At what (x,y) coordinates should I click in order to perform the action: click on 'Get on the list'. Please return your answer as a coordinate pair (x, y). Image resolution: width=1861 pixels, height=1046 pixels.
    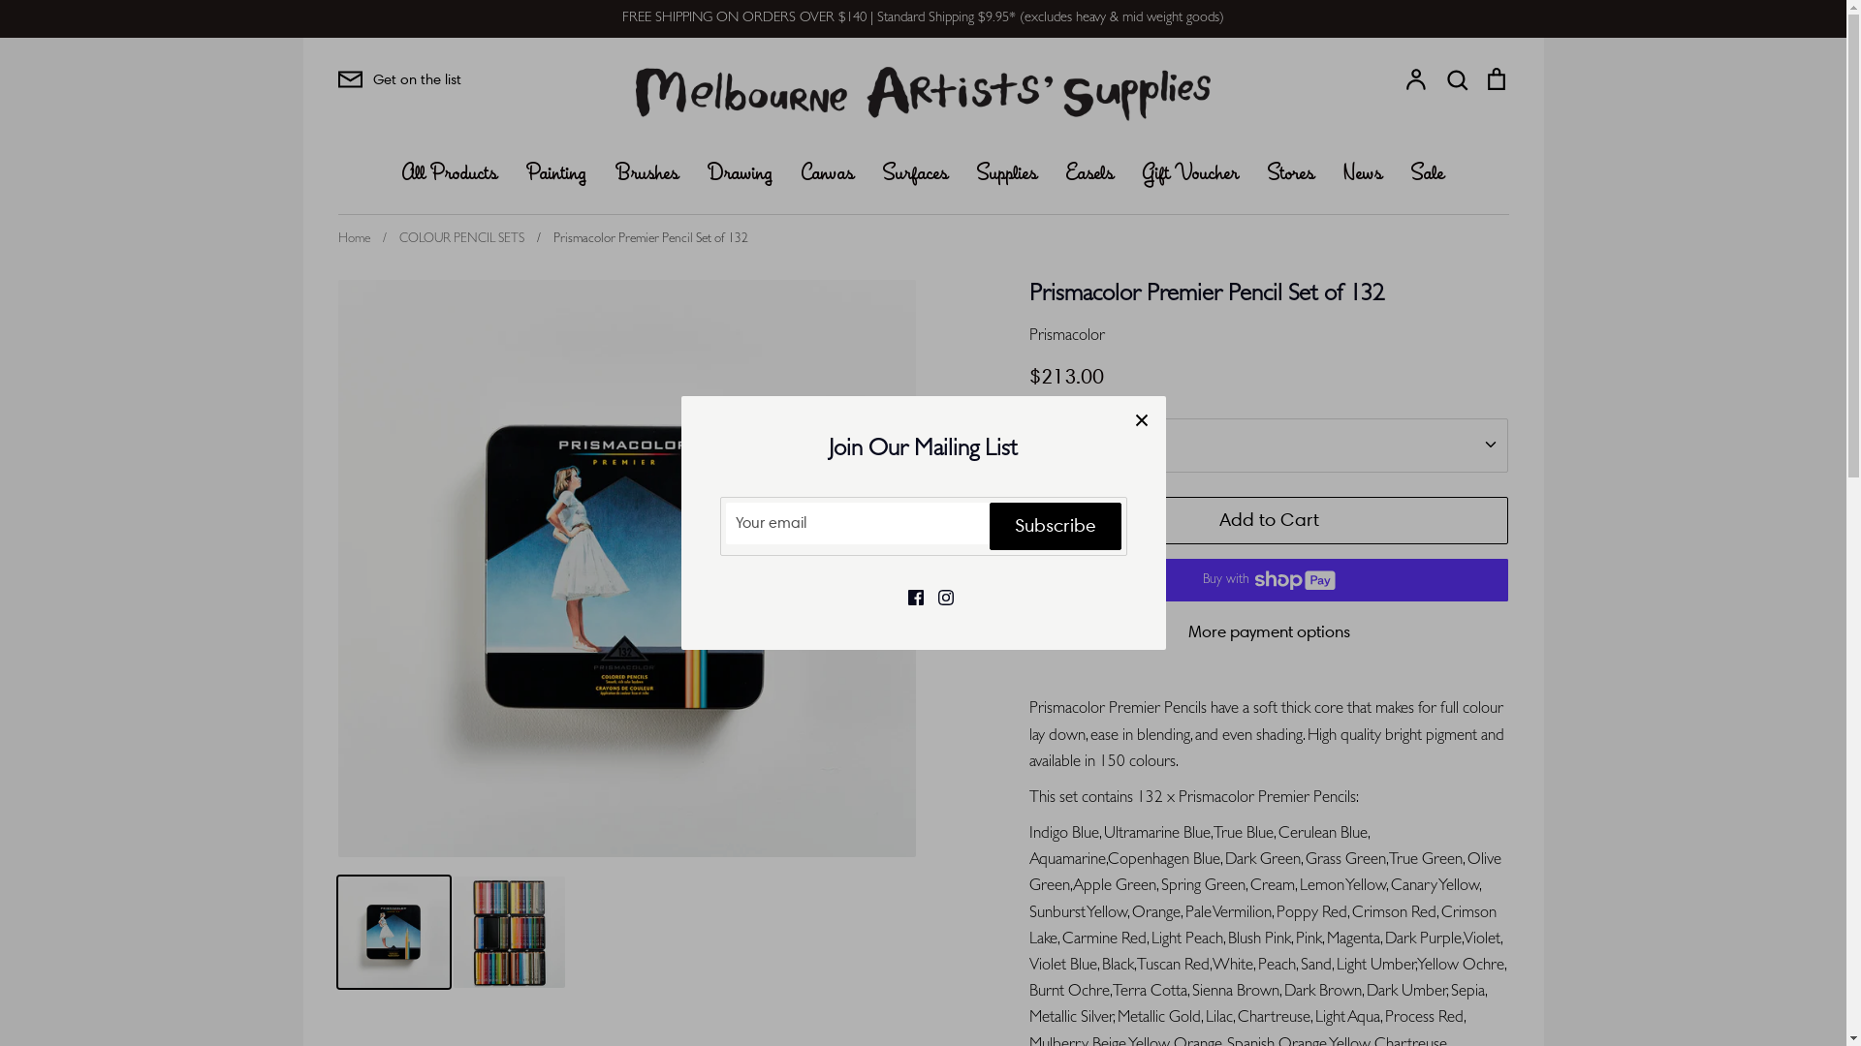
    Looking at the image, I should click on (397, 77).